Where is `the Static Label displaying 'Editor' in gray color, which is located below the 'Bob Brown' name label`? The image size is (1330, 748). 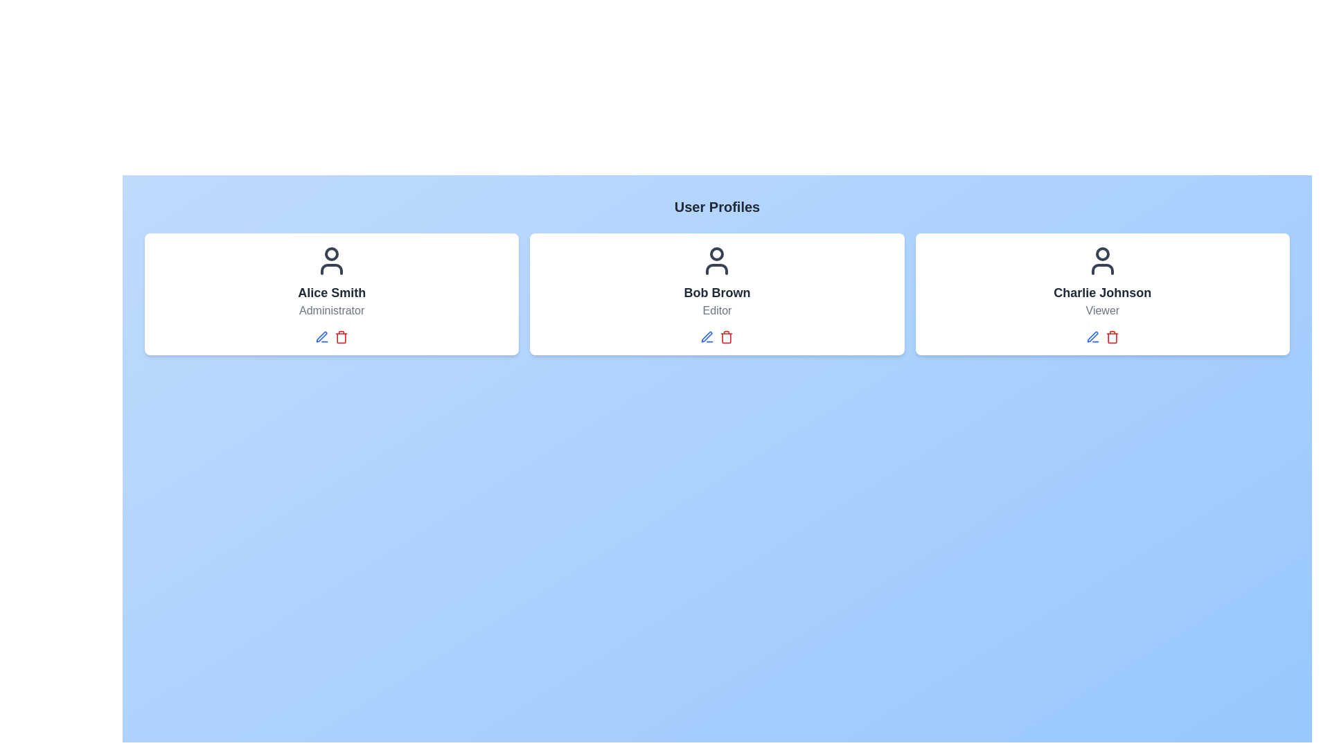
the Static Label displaying 'Editor' in gray color, which is located below the 'Bob Brown' name label is located at coordinates (717, 310).